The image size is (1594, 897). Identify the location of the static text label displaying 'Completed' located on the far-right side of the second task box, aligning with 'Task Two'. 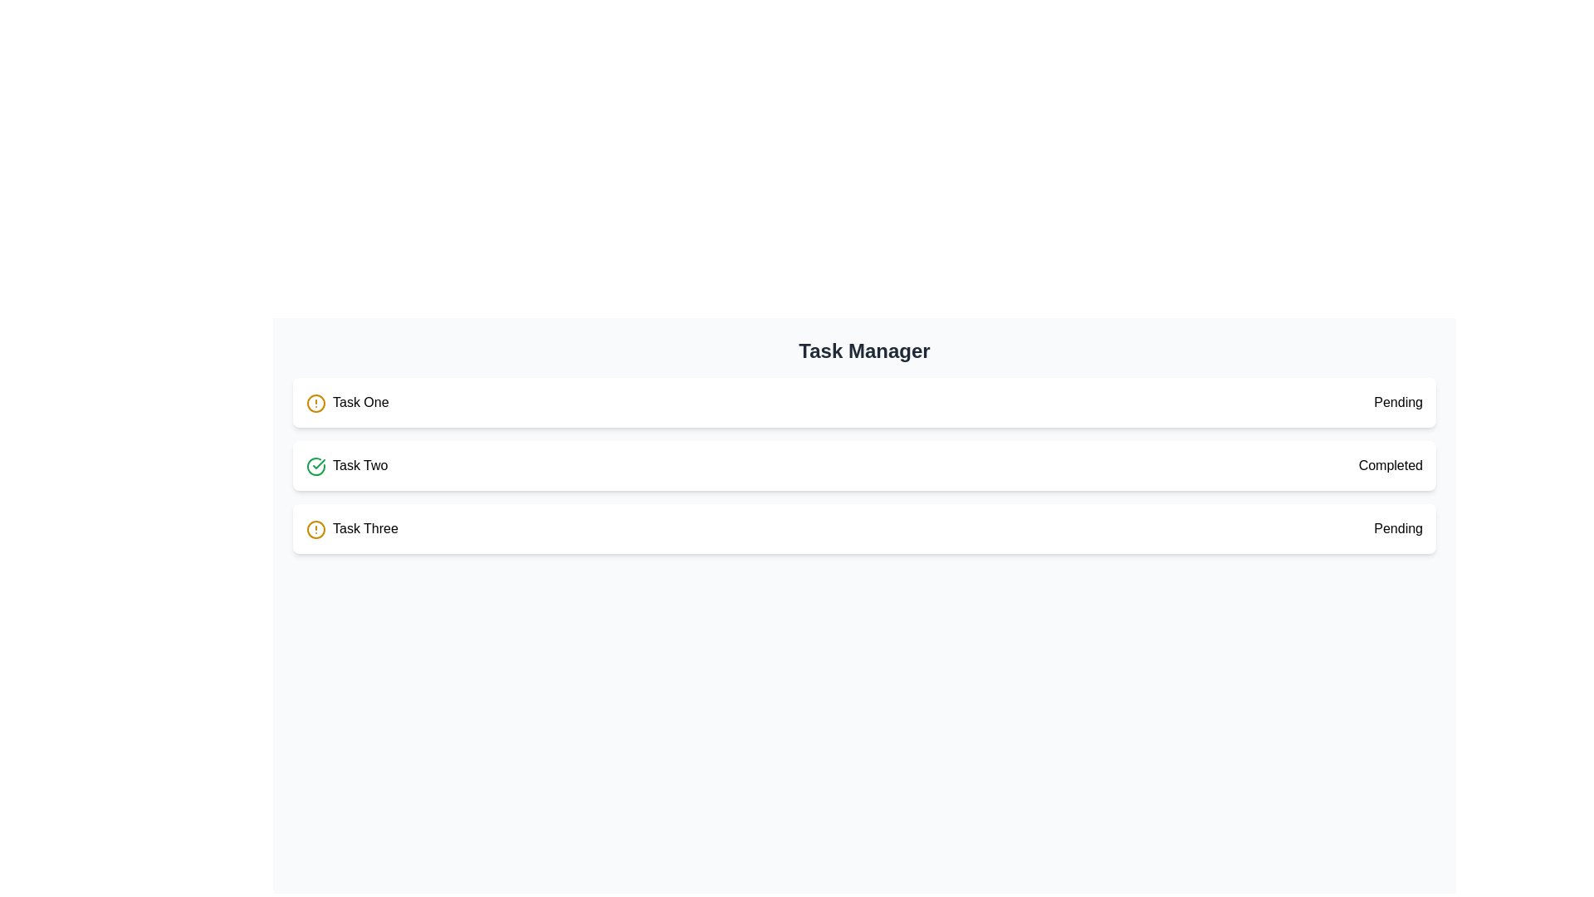
(1391, 465).